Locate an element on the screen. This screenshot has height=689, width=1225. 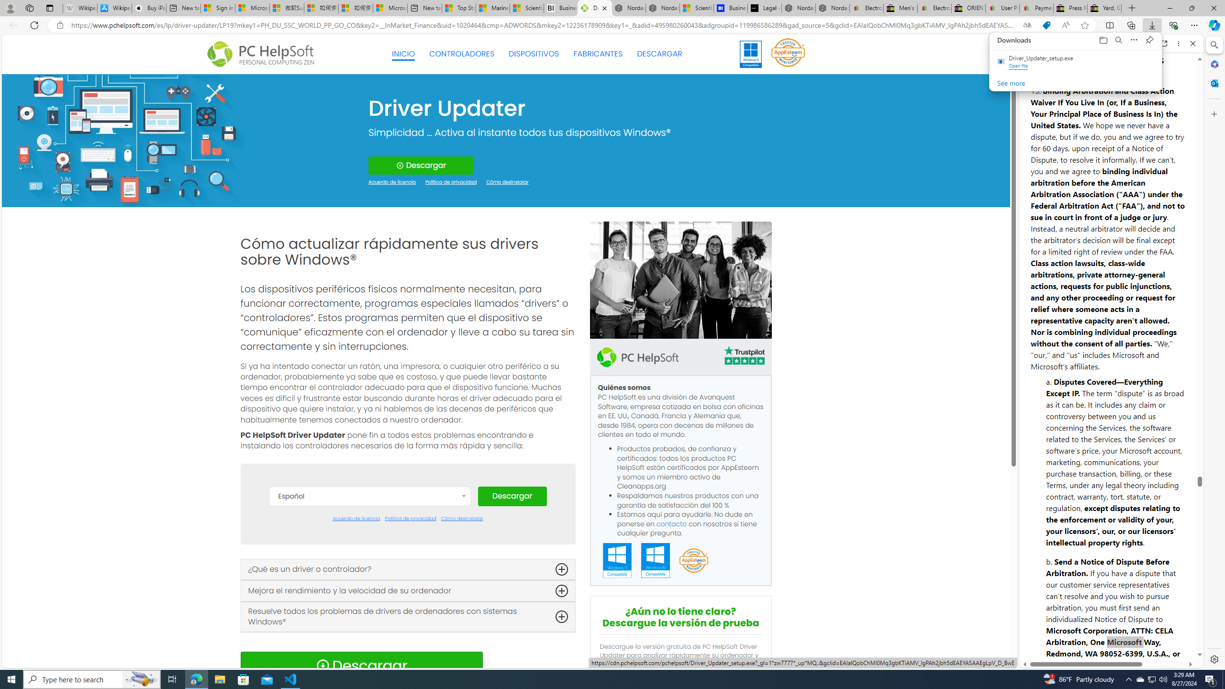
'Italiano' is located at coordinates (370, 627).